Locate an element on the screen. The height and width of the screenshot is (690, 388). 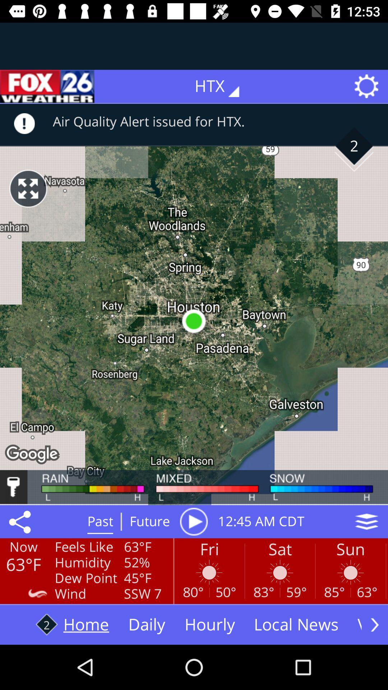
the arrow_forward icon is located at coordinates (374, 624).